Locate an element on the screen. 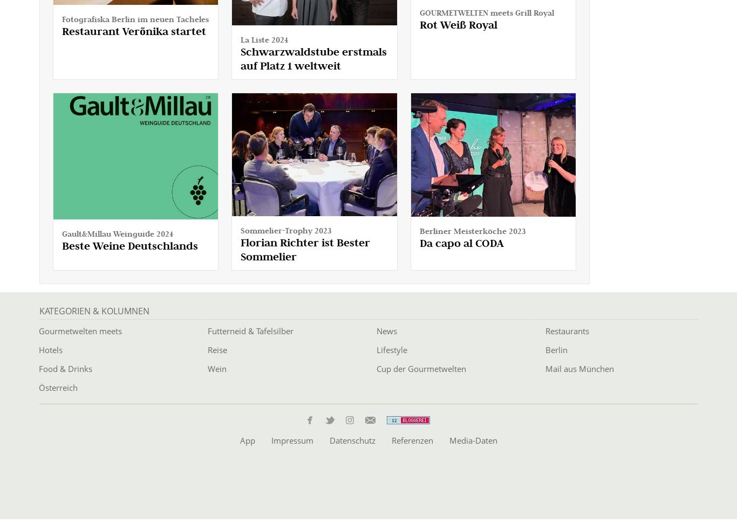  'Fotografiska Berlin im neuen Tacheles' is located at coordinates (135, 18).